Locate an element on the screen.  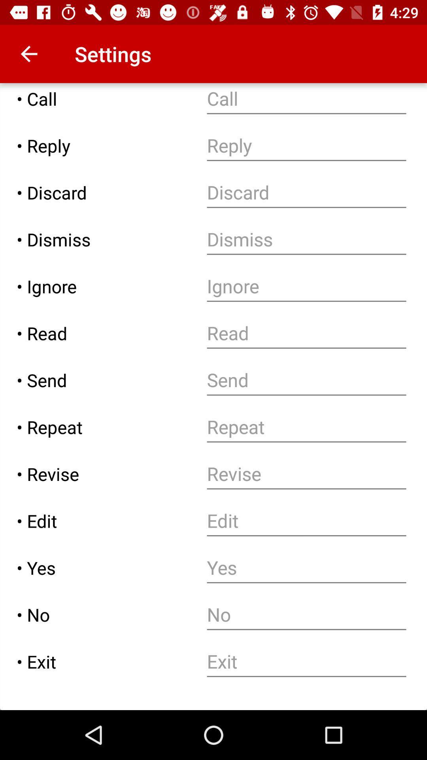
read settings is located at coordinates (306, 333).